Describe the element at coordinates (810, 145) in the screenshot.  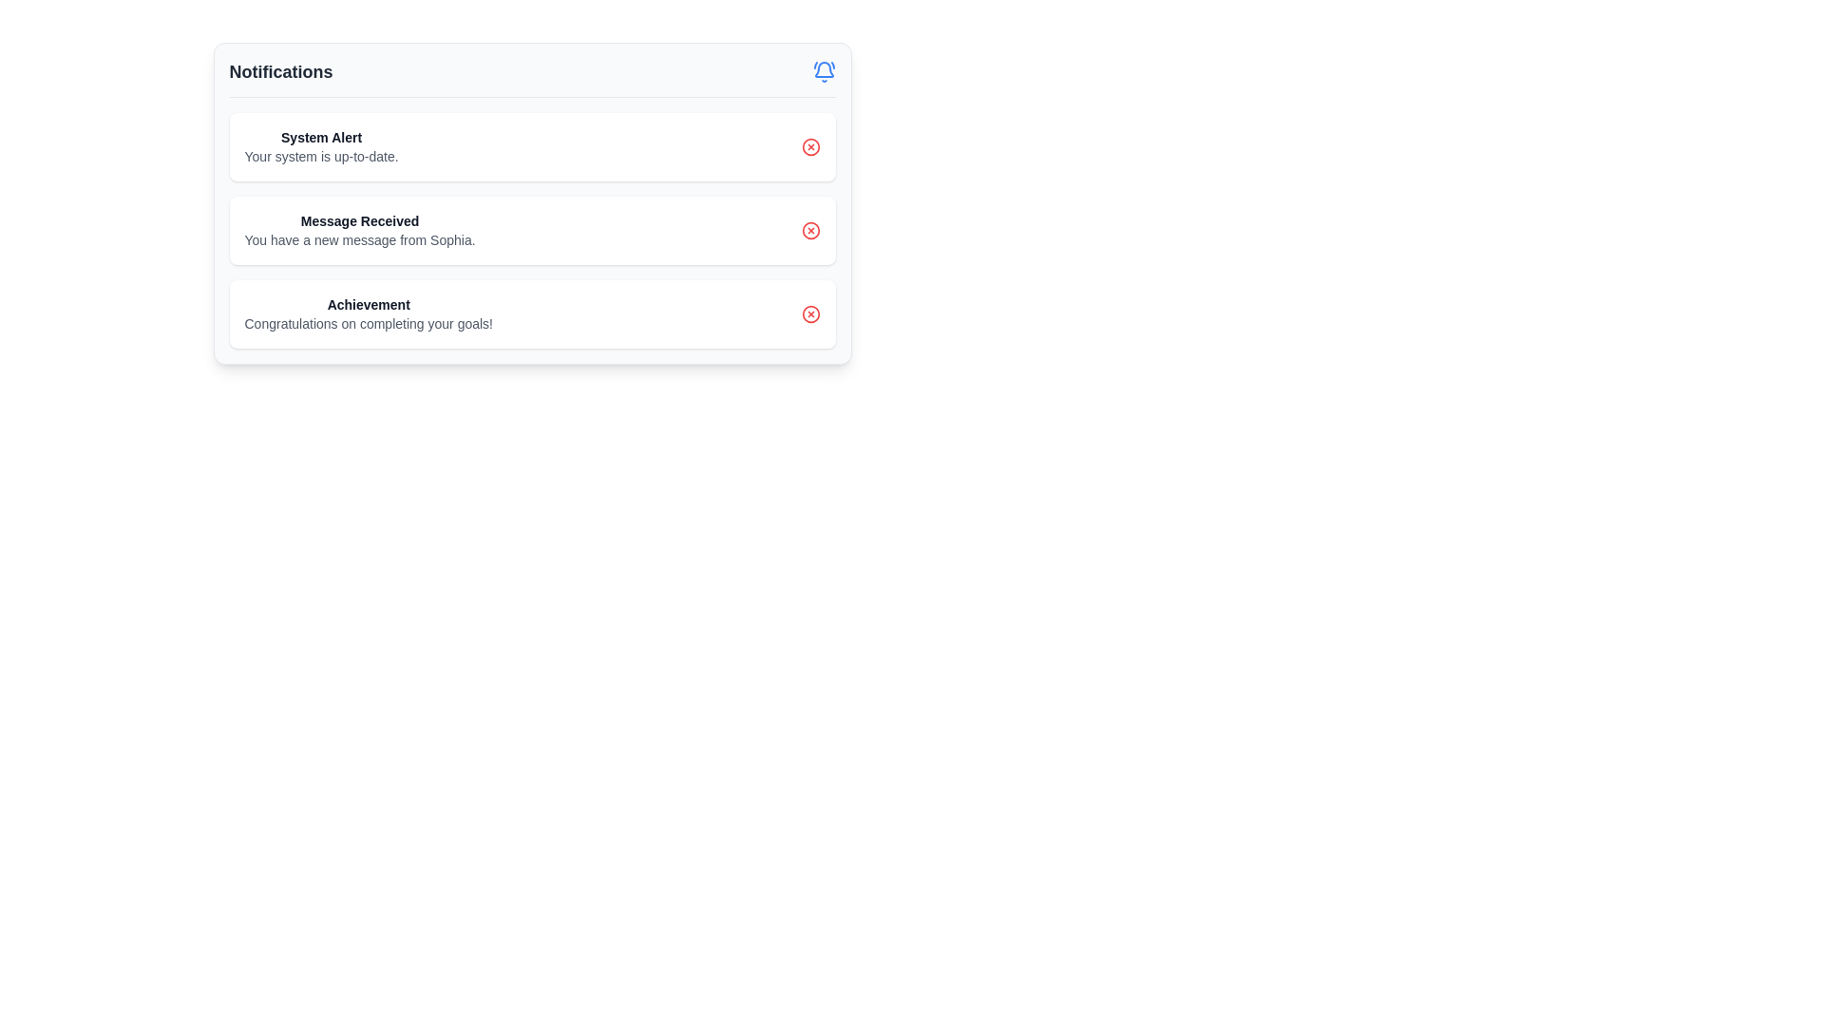
I see `the close button located in the top-right corner of the 'System Alert' notification card to change its color` at that location.